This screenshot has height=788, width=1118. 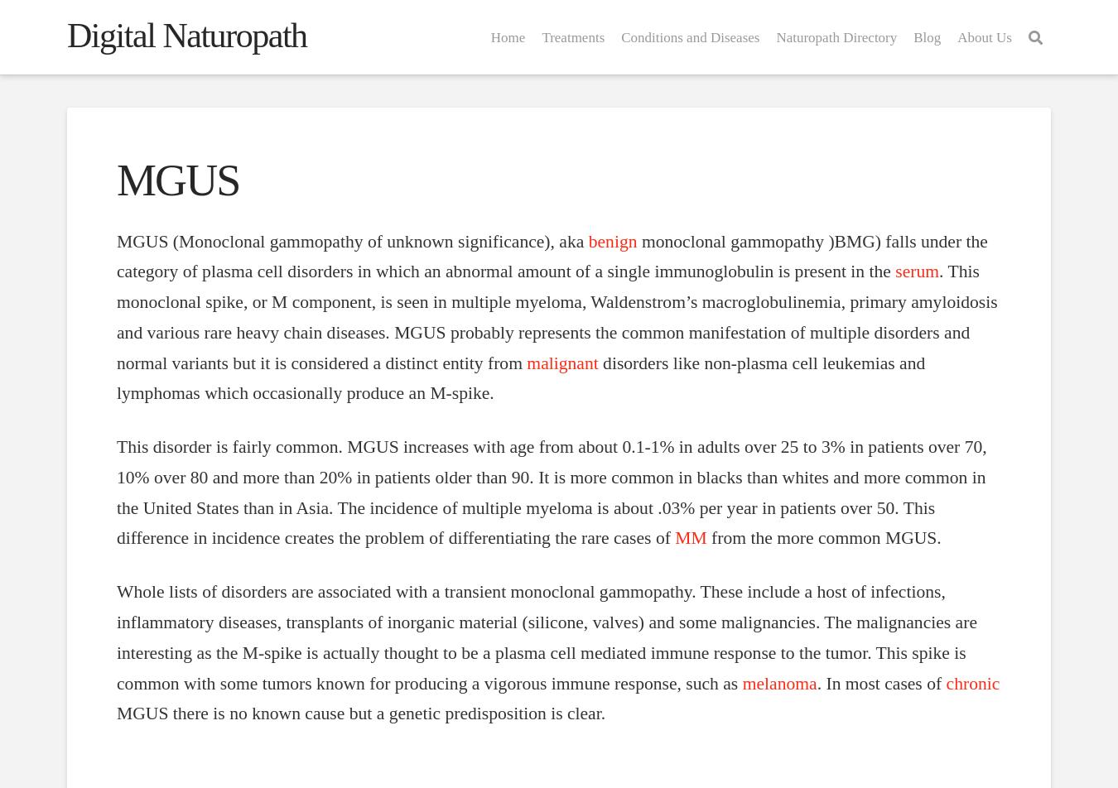 I want to click on 'benign', so click(x=611, y=241).